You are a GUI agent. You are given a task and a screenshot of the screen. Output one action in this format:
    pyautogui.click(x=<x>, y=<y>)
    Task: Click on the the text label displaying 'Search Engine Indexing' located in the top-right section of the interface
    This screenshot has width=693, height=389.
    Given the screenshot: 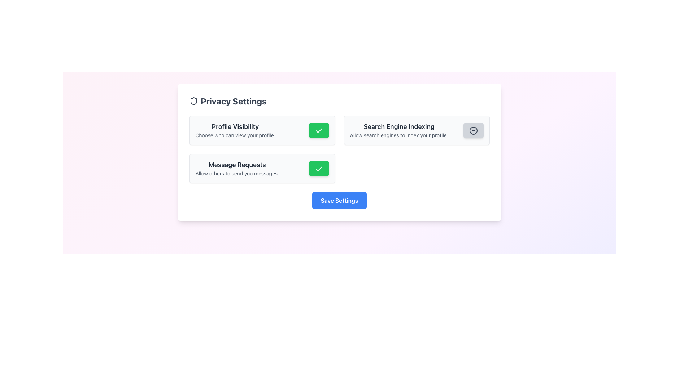 What is the action you would take?
    pyautogui.click(x=398, y=126)
    